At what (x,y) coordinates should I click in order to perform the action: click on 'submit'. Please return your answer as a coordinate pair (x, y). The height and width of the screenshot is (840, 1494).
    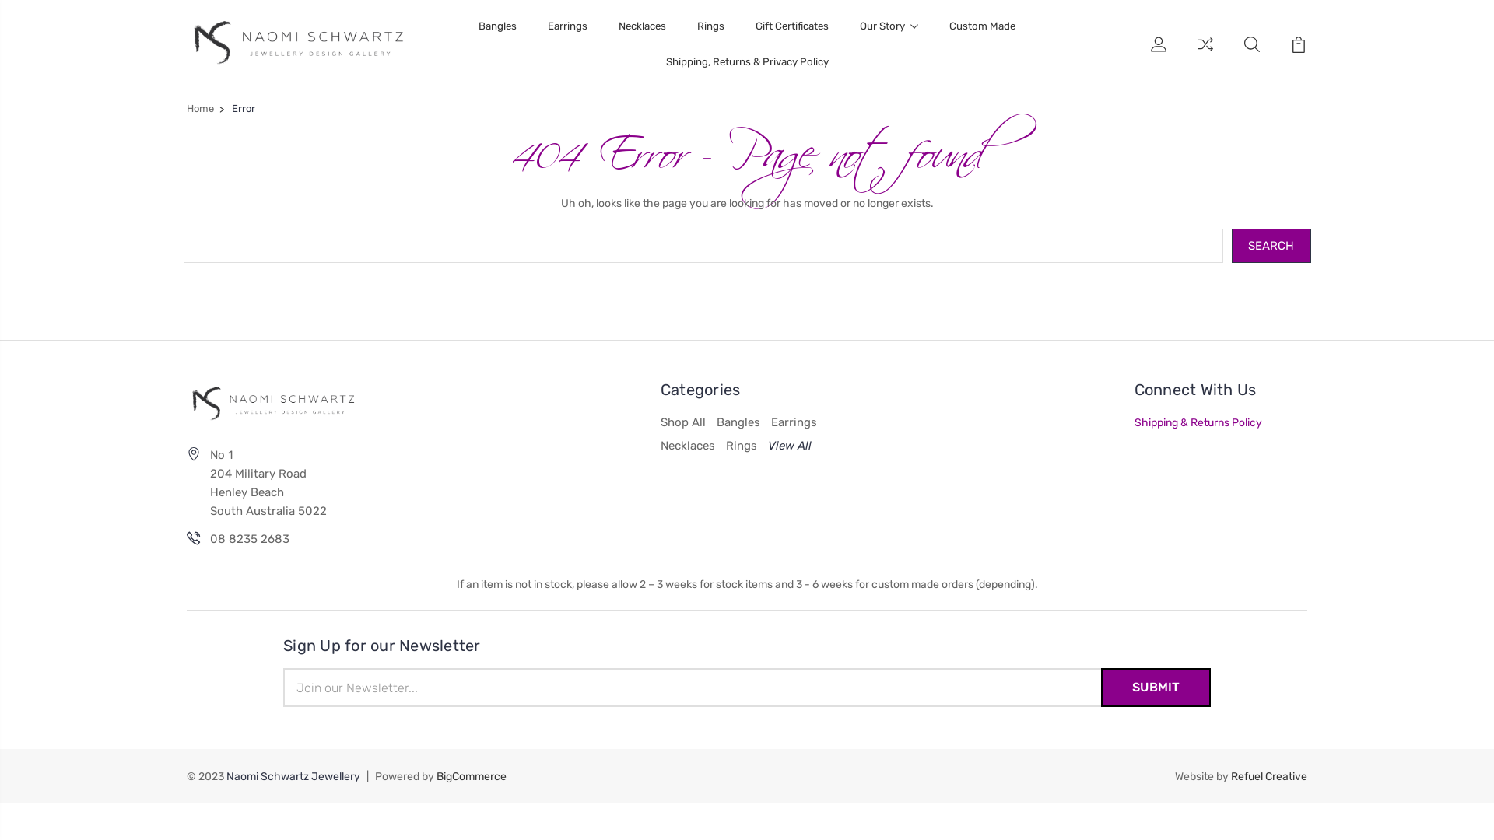
    Looking at the image, I should click on (1156, 686).